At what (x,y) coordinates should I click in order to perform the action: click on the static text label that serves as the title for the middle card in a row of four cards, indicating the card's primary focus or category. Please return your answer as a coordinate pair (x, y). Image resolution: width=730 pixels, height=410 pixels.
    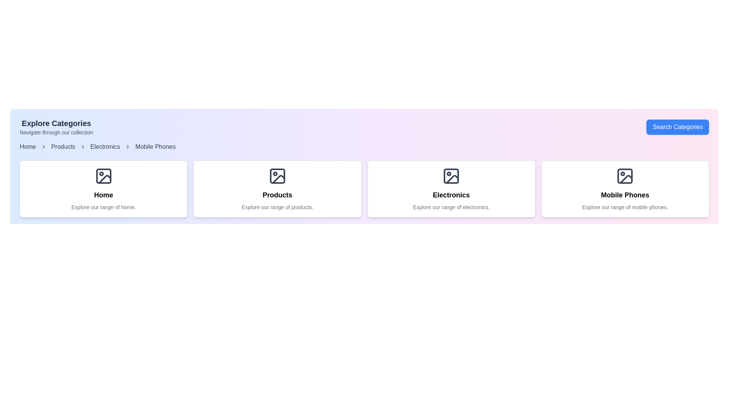
    Looking at the image, I should click on (277, 194).